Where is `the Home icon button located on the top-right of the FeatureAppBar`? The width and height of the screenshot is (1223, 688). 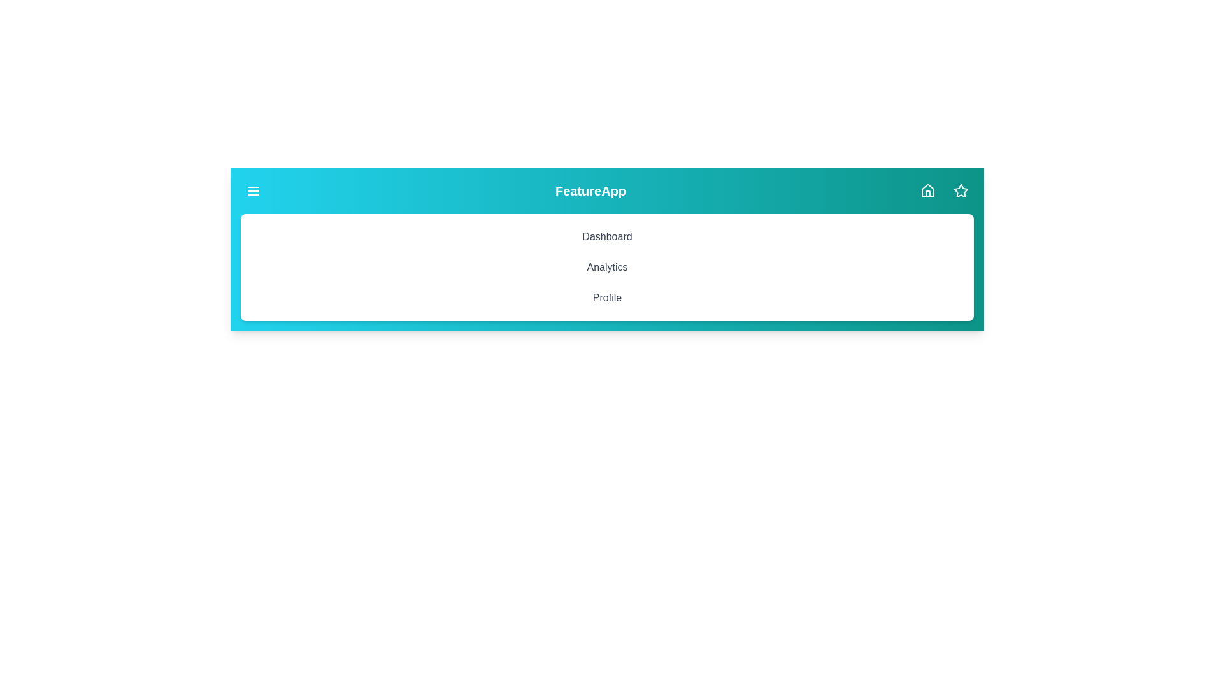
the Home icon button located on the top-right of the FeatureAppBar is located at coordinates (928, 191).